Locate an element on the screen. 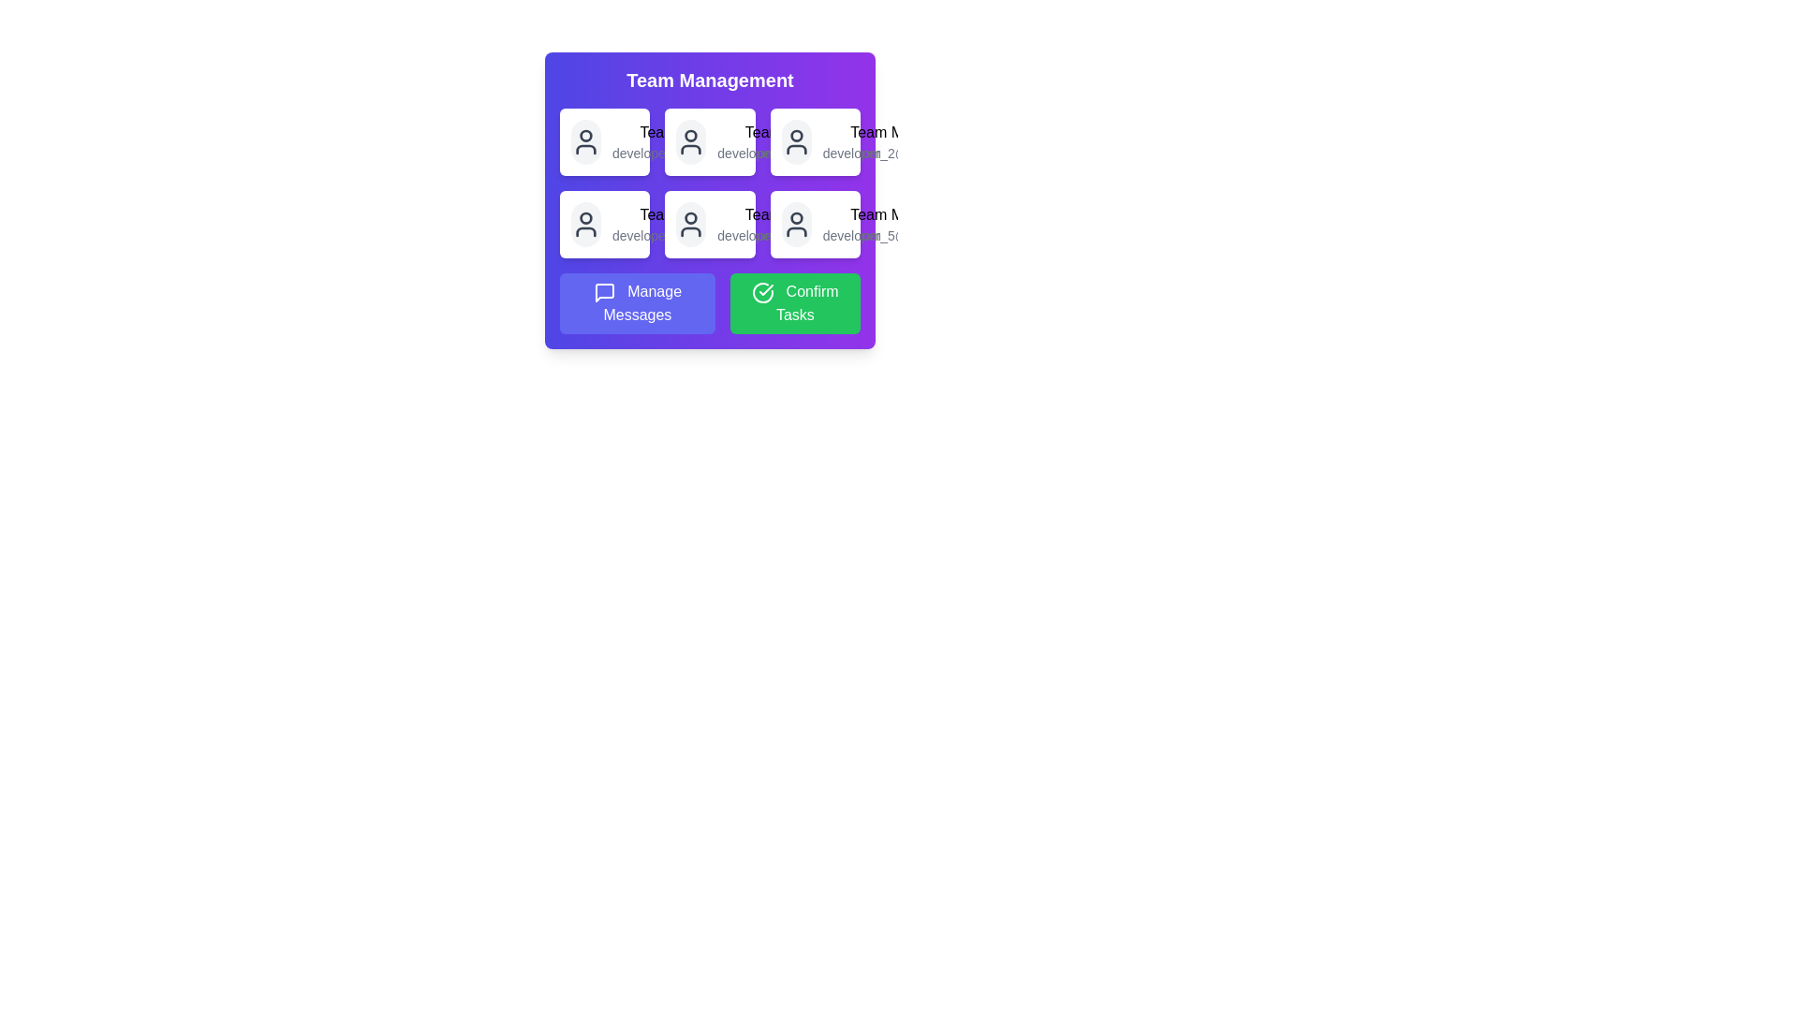  the graphic element (circle) representing the user profile status indicator in the top row of the 'Team Management' grid layout is located at coordinates (584, 135).